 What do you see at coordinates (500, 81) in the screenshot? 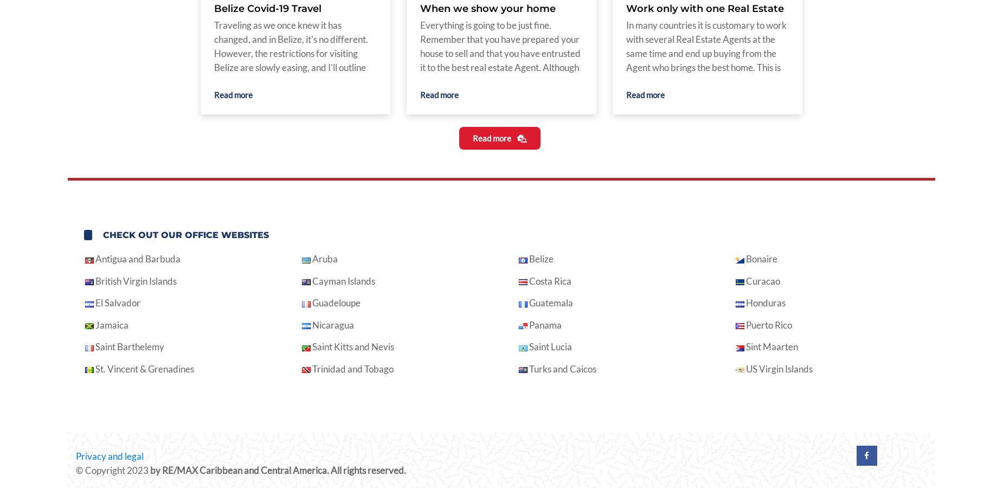
I see `'Everything is going to be just fine. Remember that you have prepared your house to sell and that you have entrusted it to the best real estate Agent. Although there are not many buyers today, it is important to appear calm and collected. Here&rsquo;s some things to keep in mind&hellip;
&nbsp;
Relax - There is nothing else to do, so read a magazin'` at bounding box center [500, 81].